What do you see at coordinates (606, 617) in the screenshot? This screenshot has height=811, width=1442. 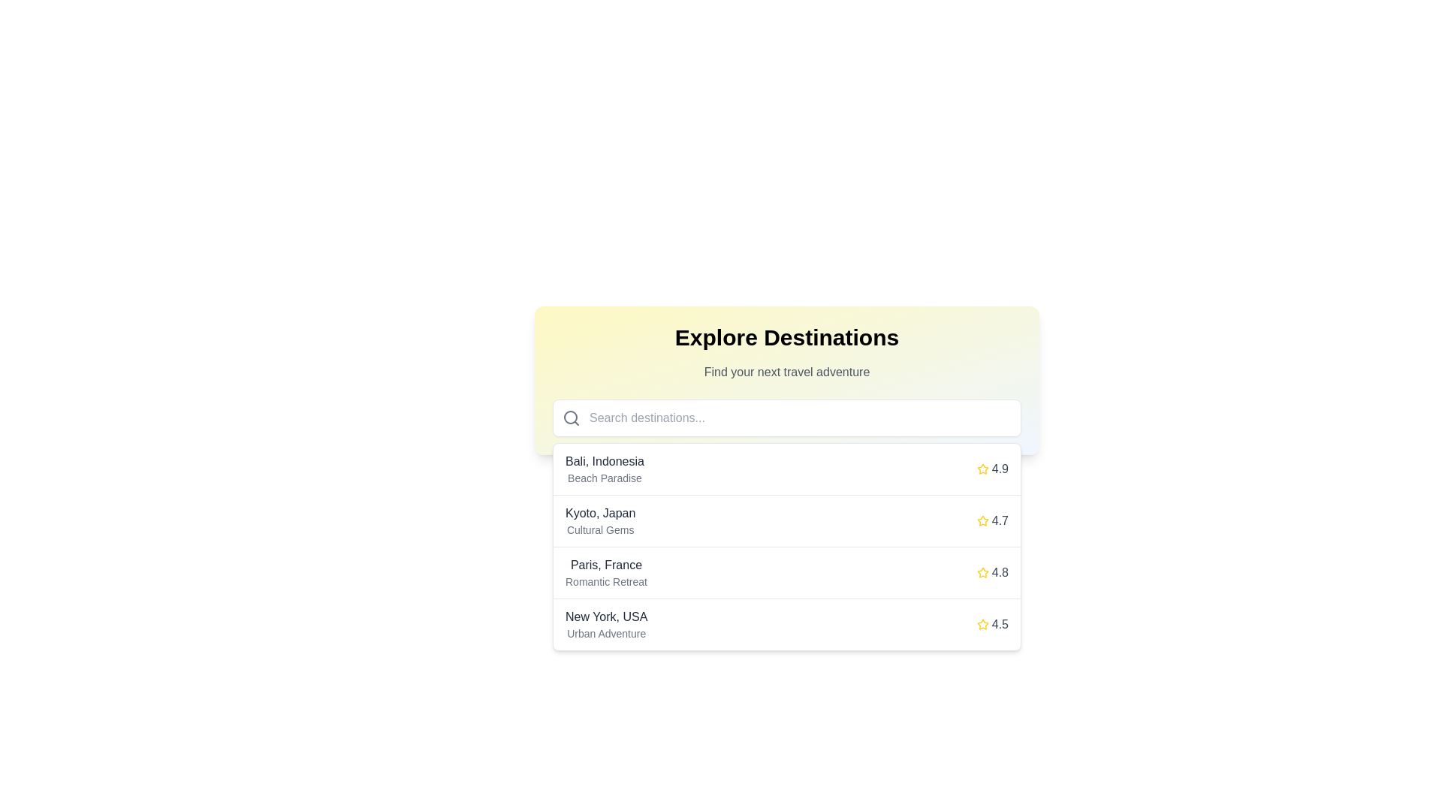 I see `the Text Label indicating the location 'New York, USA', which serves as the main title of the fourth list item in the vertically stacked list layout` at bounding box center [606, 617].